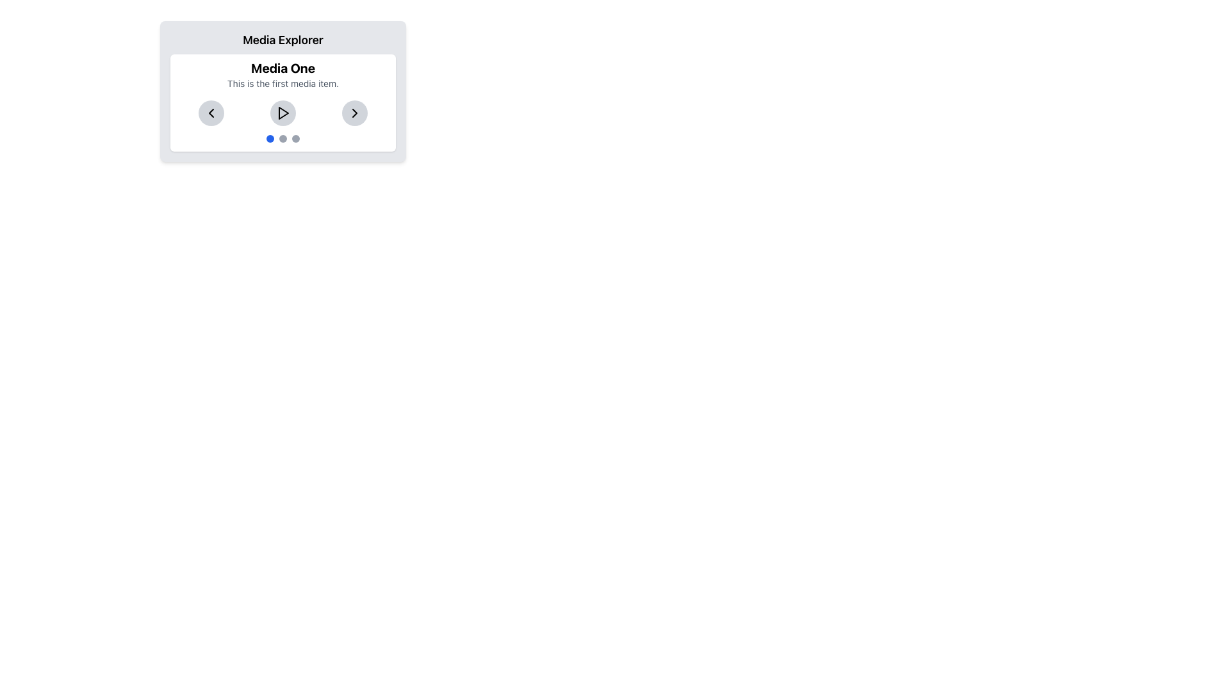 The height and width of the screenshot is (691, 1230). Describe the element at coordinates (282, 138) in the screenshot. I see `the second round button in the 'Media Explorer' interface` at that location.